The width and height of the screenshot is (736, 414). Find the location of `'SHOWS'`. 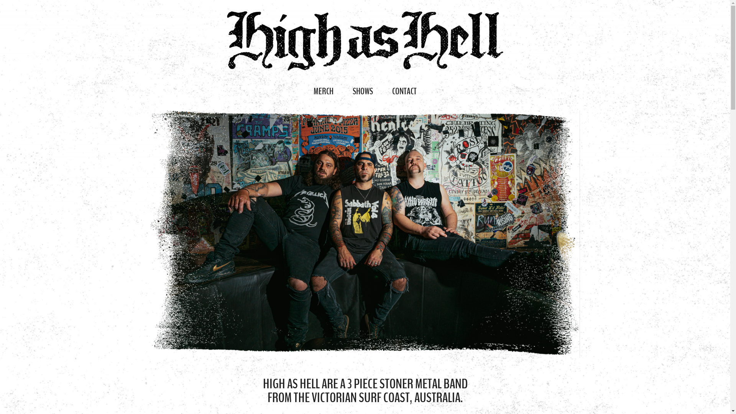

'SHOWS' is located at coordinates (362, 91).